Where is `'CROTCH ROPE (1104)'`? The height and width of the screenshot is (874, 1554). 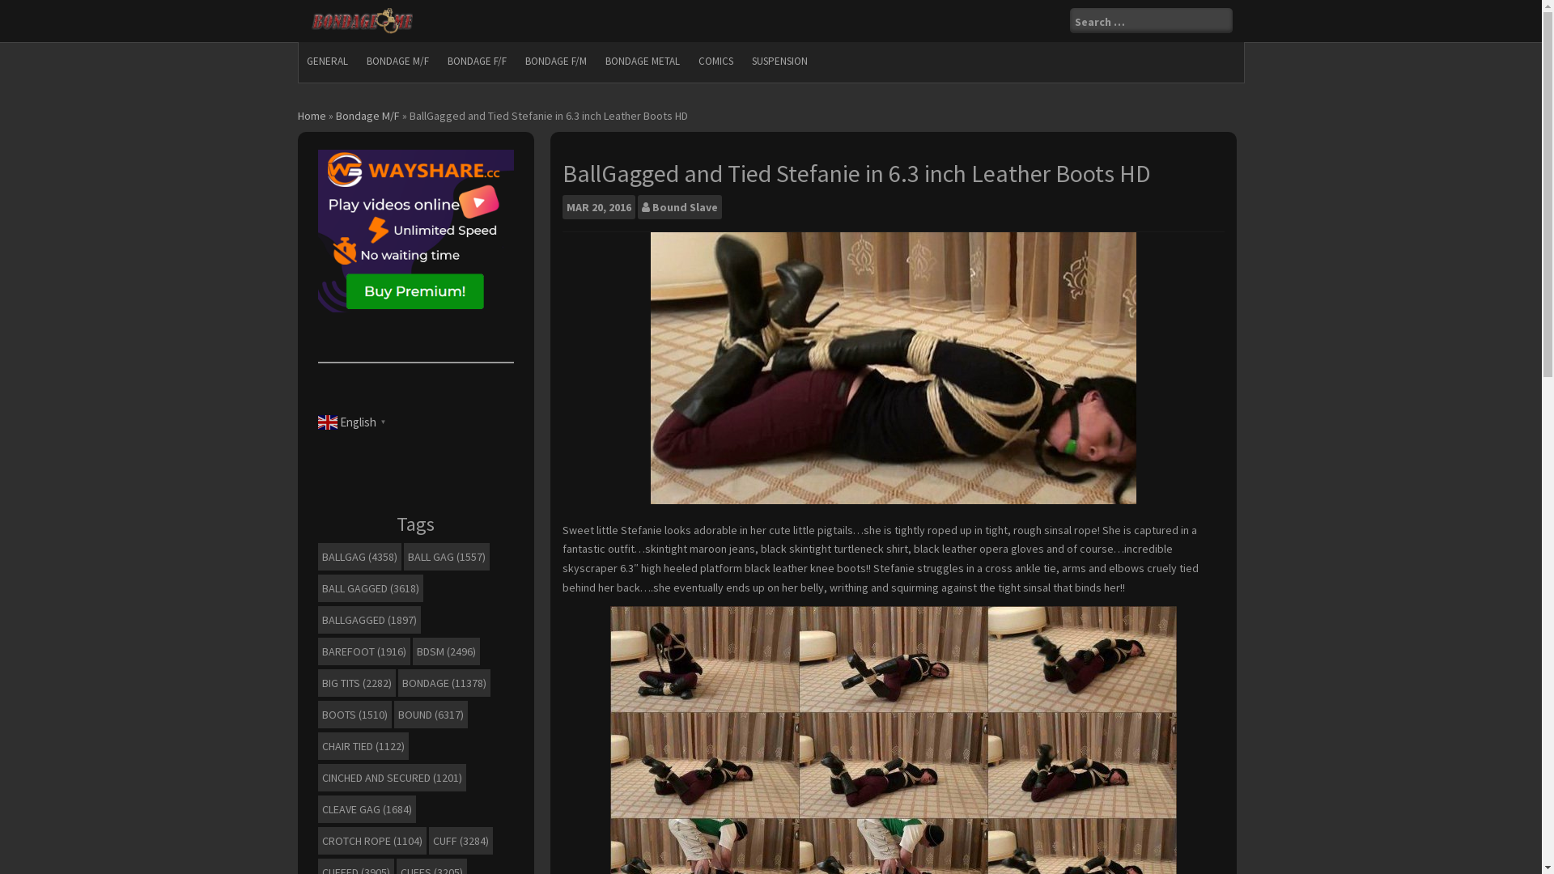
'CROTCH ROPE (1104)' is located at coordinates (371, 839).